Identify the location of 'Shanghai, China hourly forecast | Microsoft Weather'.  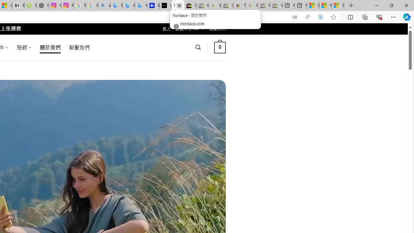
(313, 6).